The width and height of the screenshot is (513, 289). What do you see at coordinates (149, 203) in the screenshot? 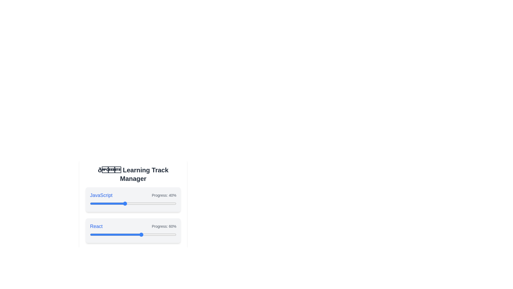
I see `the JavaScript progress` at bounding box center [149, 203].